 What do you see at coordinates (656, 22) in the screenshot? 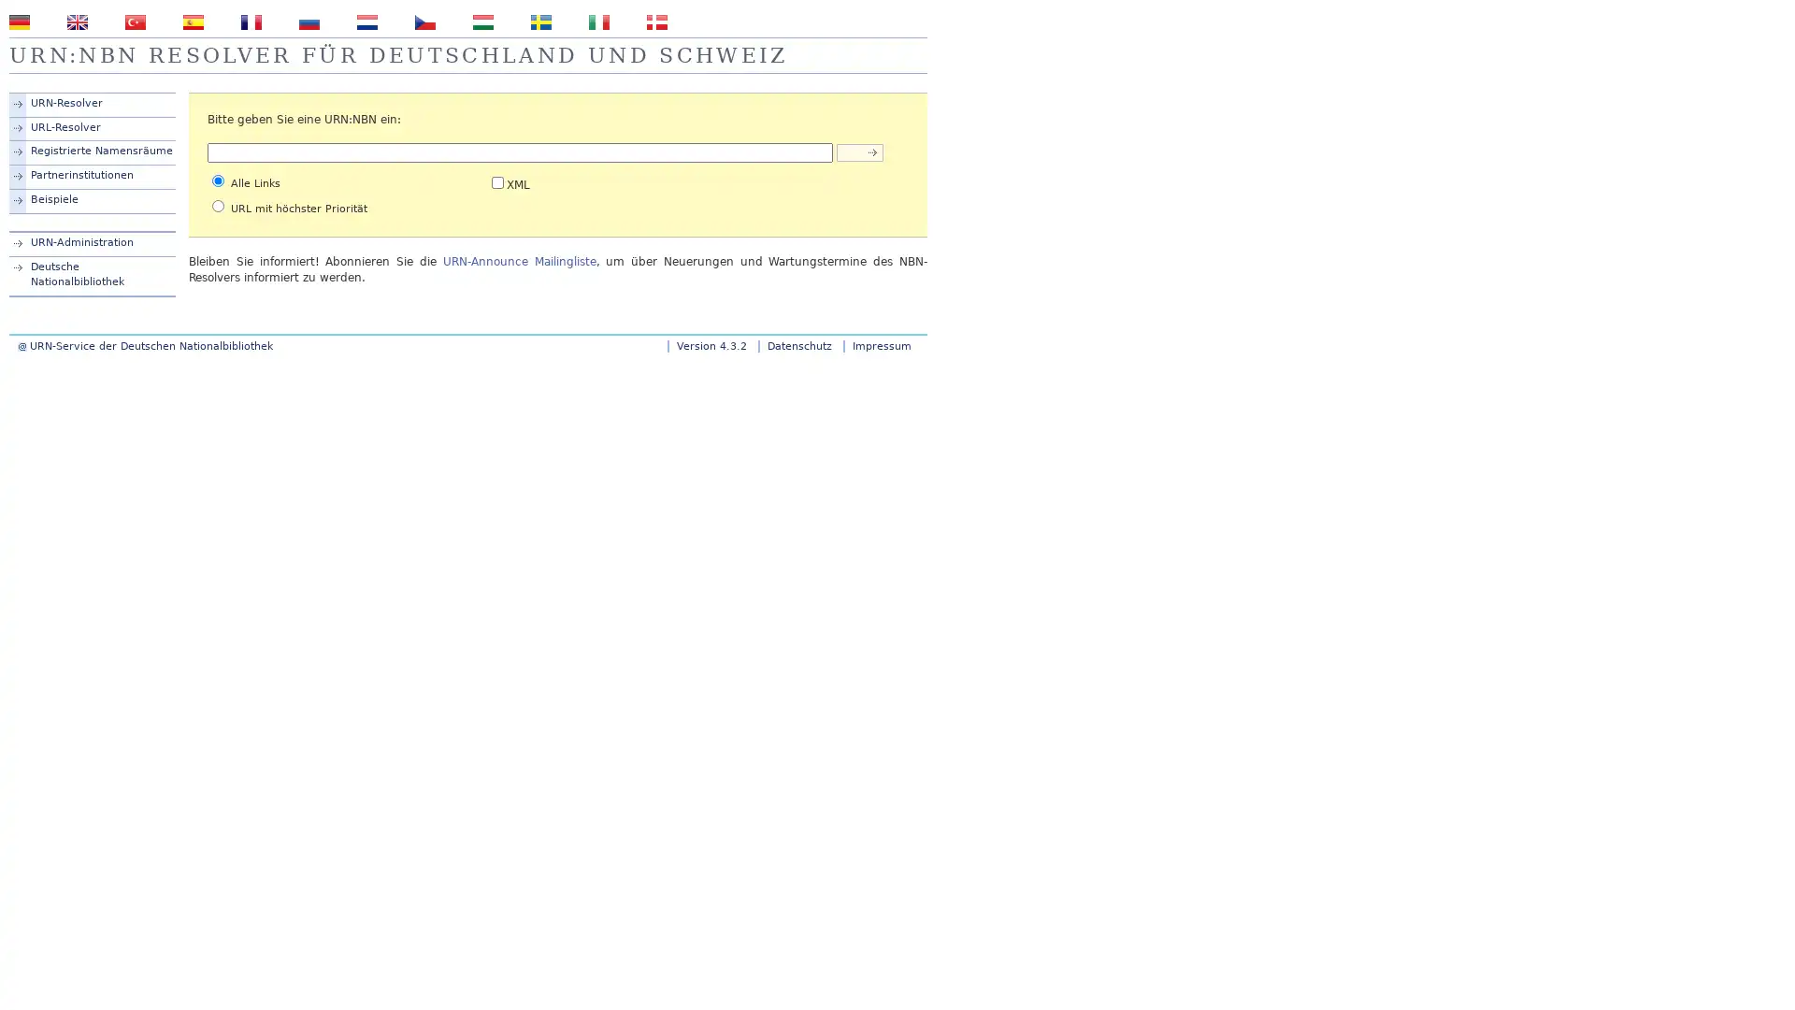
I see `dk` at bounding box center [656, 22].